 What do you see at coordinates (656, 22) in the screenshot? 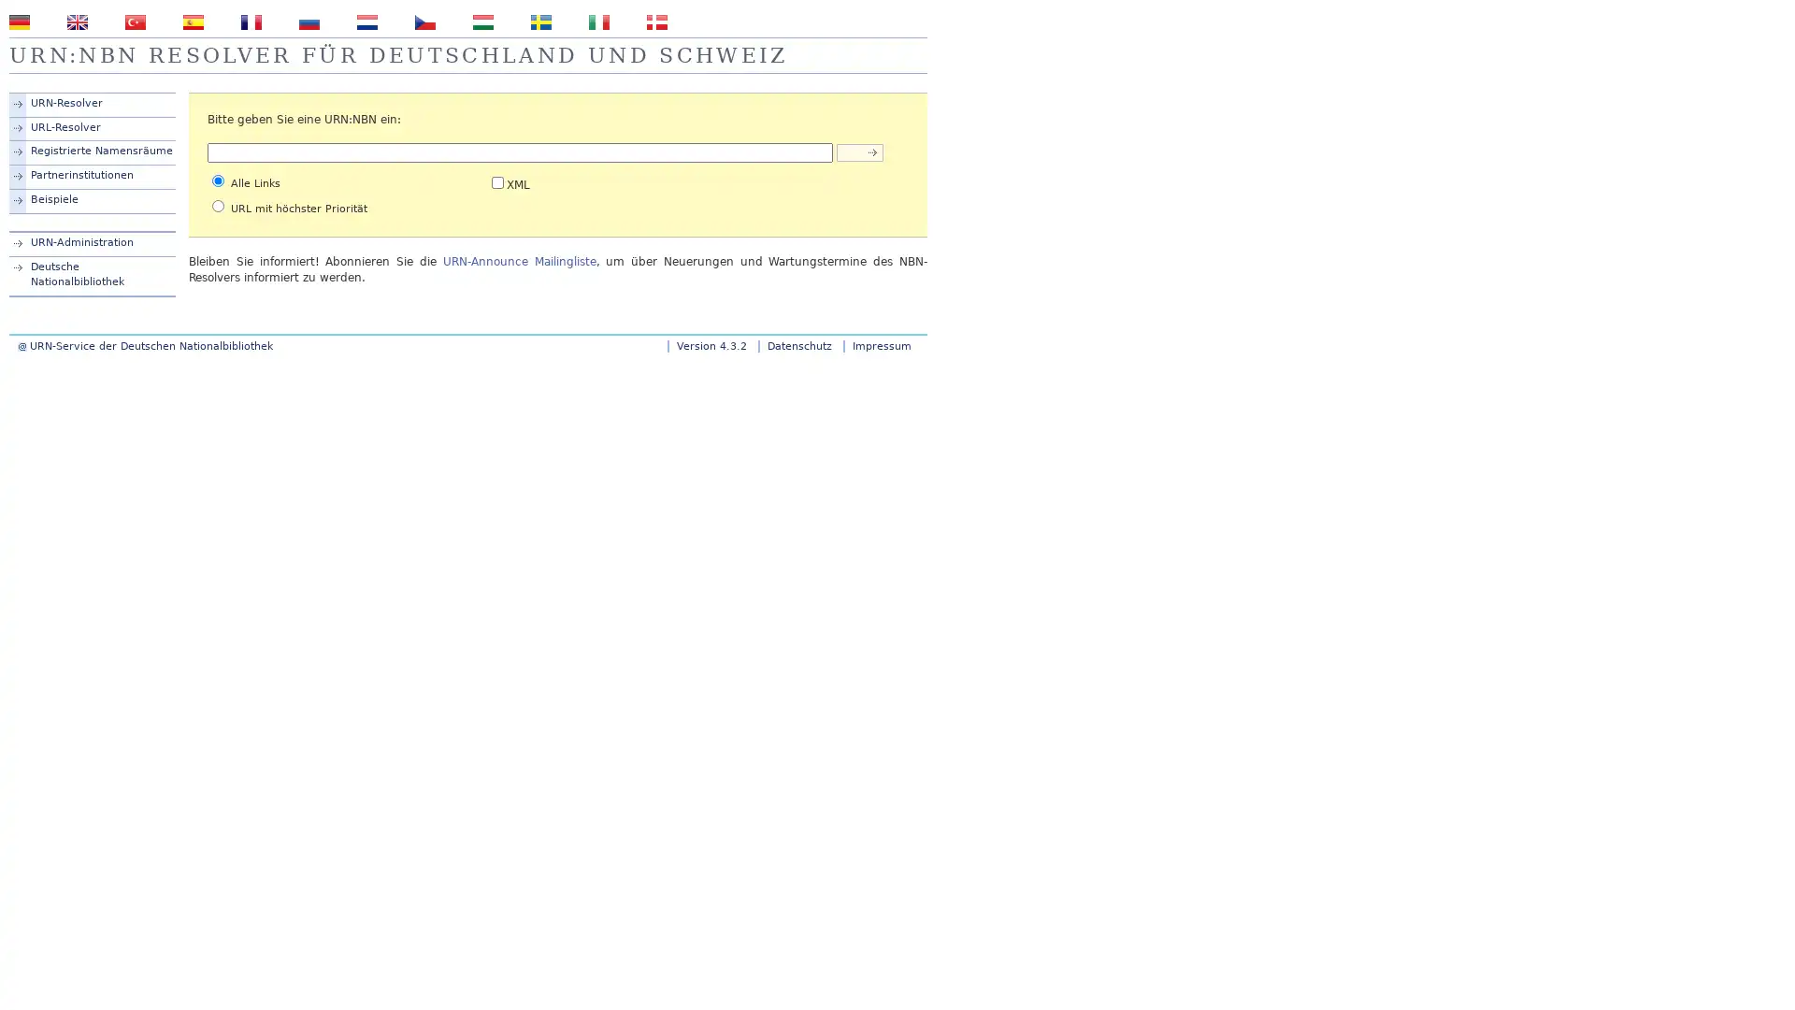
I see `dk` at bounding box center [656, 22].